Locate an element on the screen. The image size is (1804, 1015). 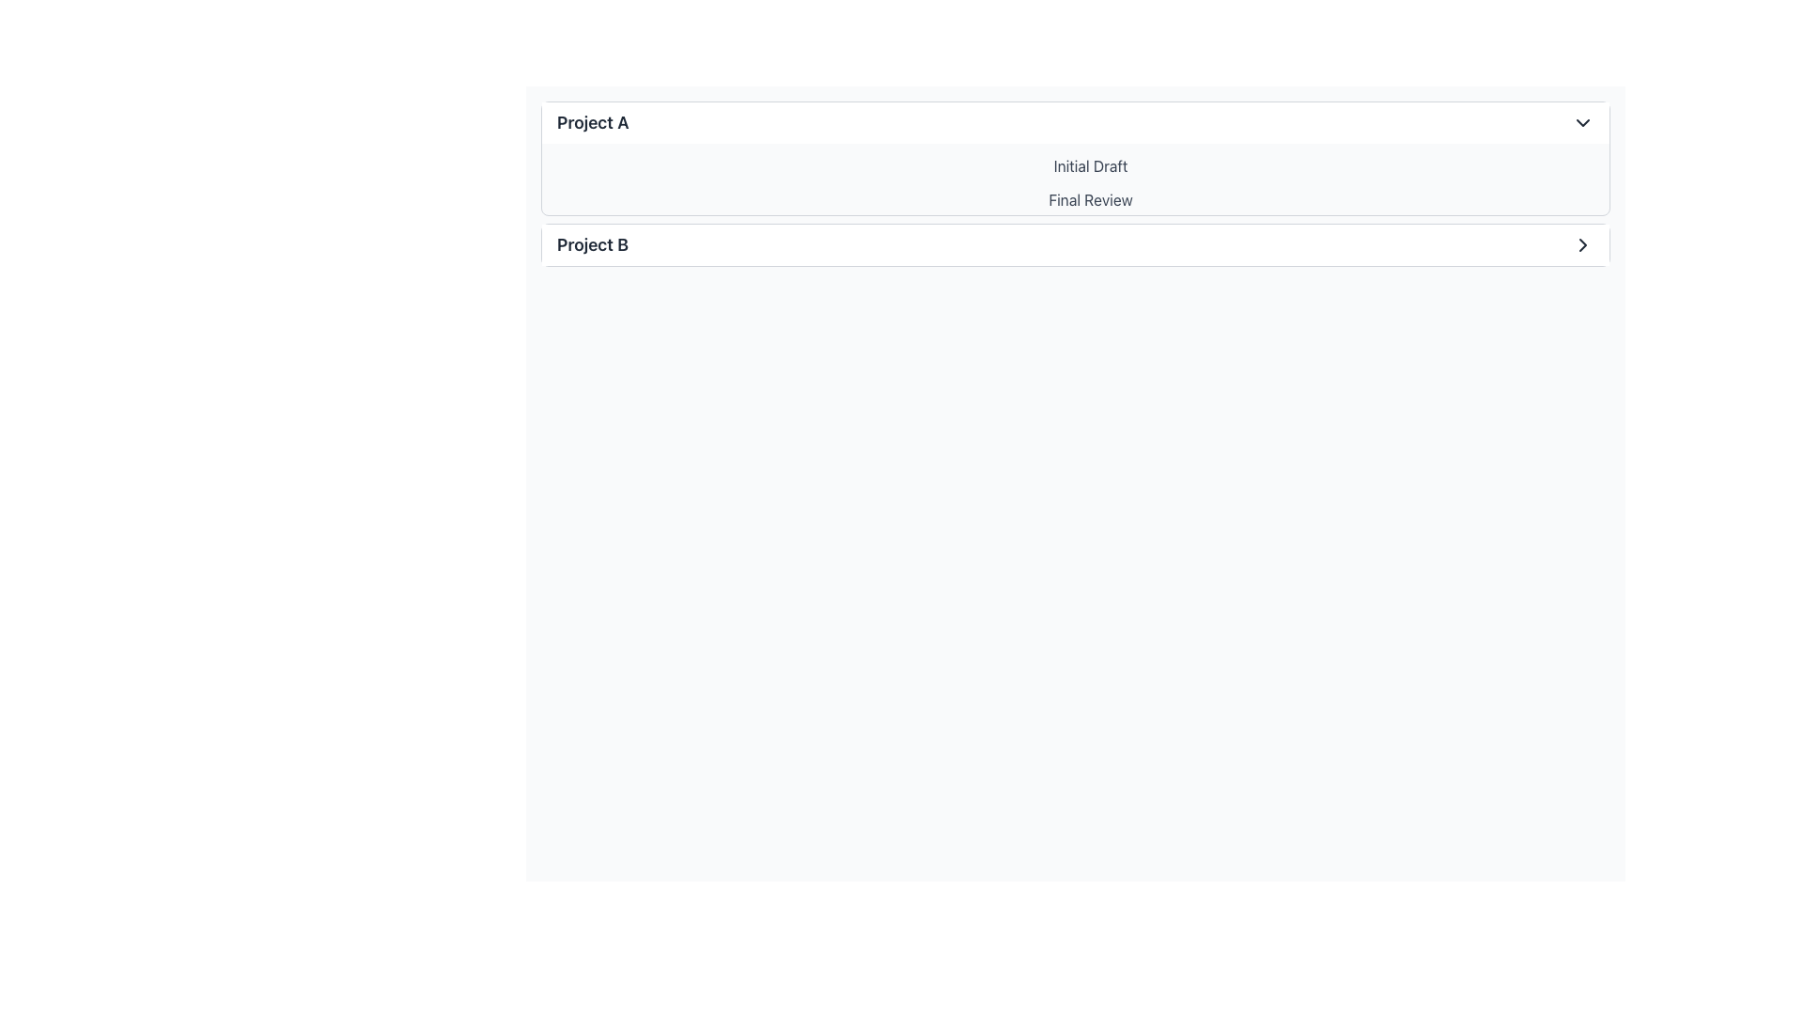
the second interactive list item labeled 'Project B', which features a bold title on the left and a rightward chevron arrow on the far right is located at coordinates (1076, 244).